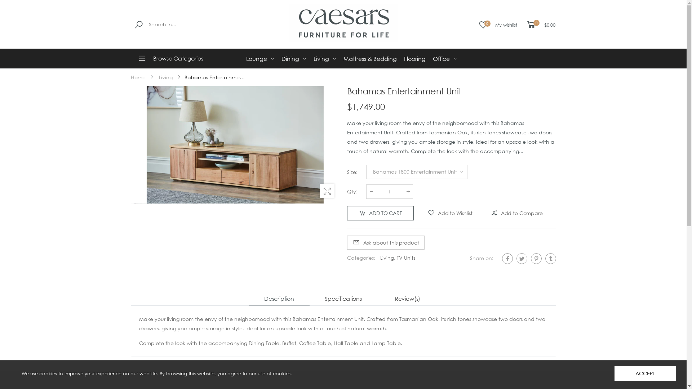  Describe the element at coordinates (497, 24) in the screenshot. I see `'0` at that location.